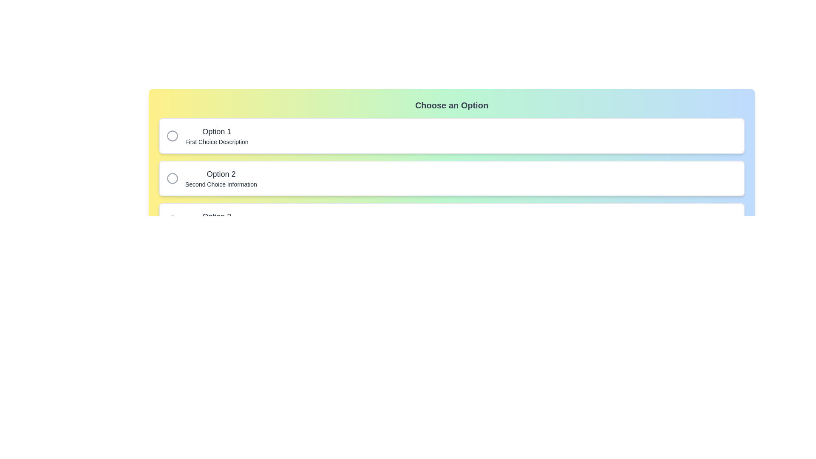 This screenshot has width=816, height=459. What do you see at coordinates (172, 178) in the screenshot?
I see `the second circular marker in the vertical list of options, which serves as a checkbox for 'Option 2' and 'Second Choice Information'` at bounding box center [172, 178].